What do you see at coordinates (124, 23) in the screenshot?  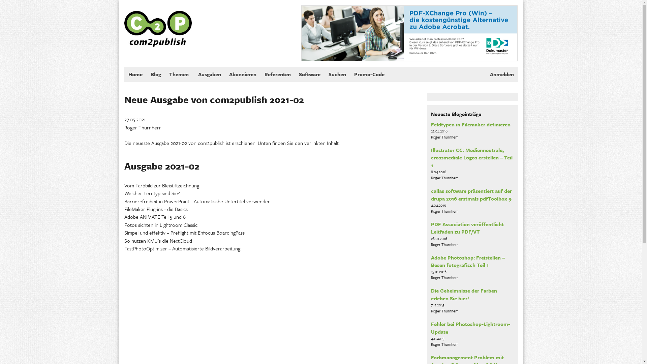 I see `'com2publish Startseite'` at bounding box center [124, 23].